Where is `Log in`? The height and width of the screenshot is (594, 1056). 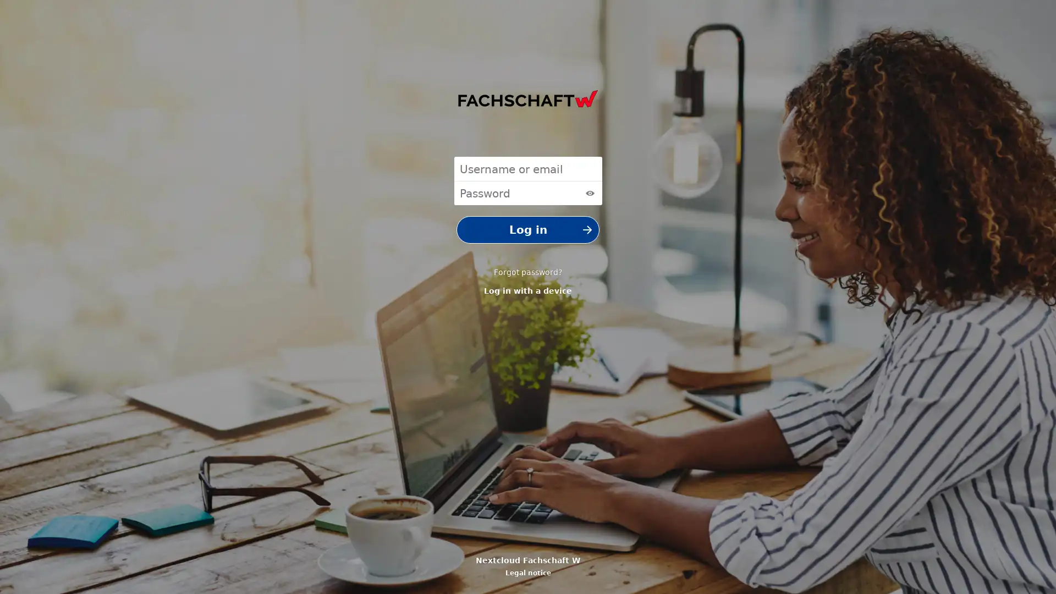 Log in is located at coordinates (528, 229).